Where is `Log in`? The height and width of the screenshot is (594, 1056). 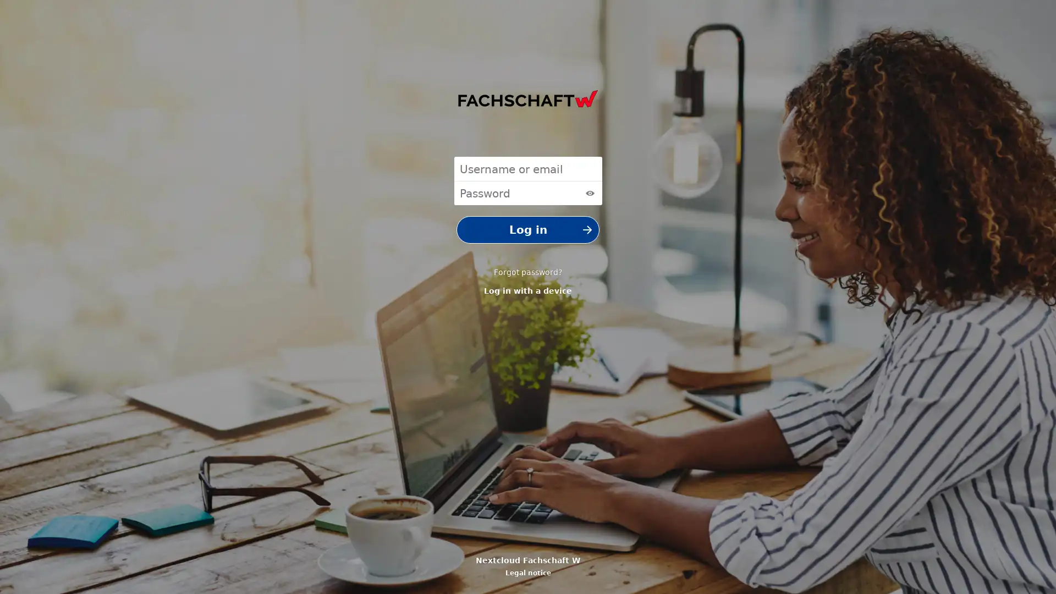 Log in is located at coordinates (528, 229).